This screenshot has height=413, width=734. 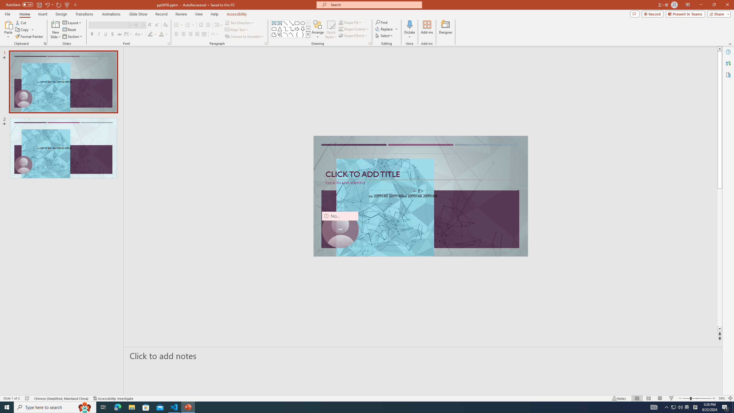 I want to click on 'Zoom 59%', so click(x=721, y=398).